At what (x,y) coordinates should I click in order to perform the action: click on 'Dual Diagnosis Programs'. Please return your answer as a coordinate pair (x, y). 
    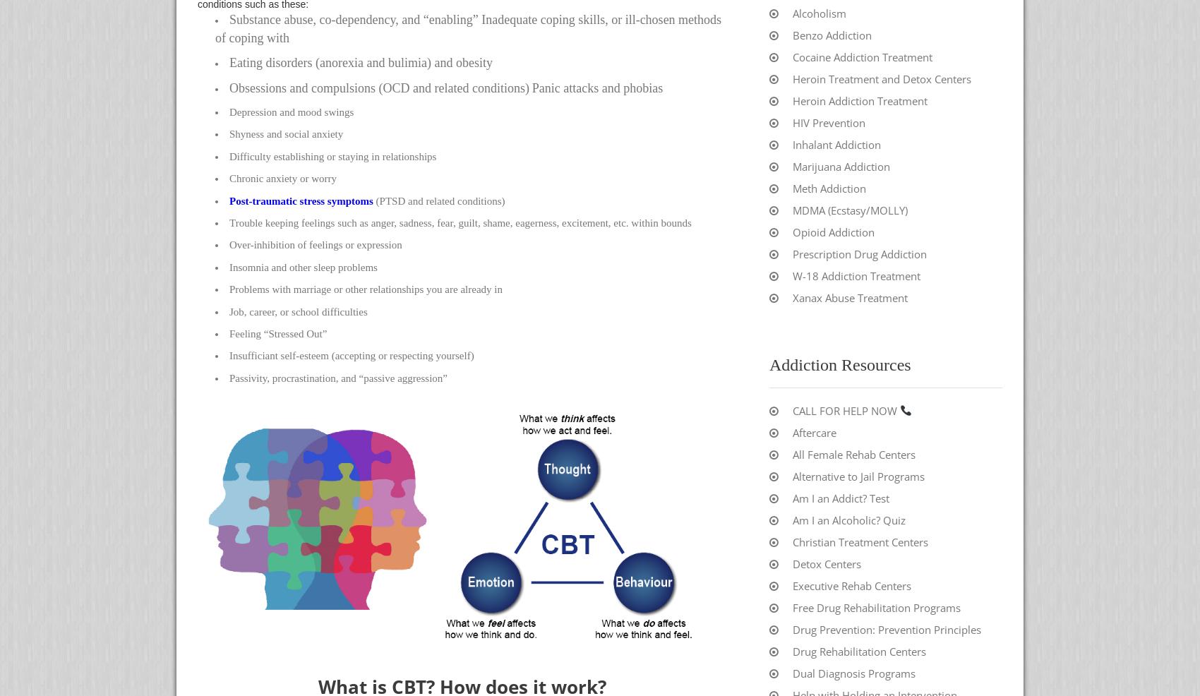
    Looking at the image, I should click on (853, 672).